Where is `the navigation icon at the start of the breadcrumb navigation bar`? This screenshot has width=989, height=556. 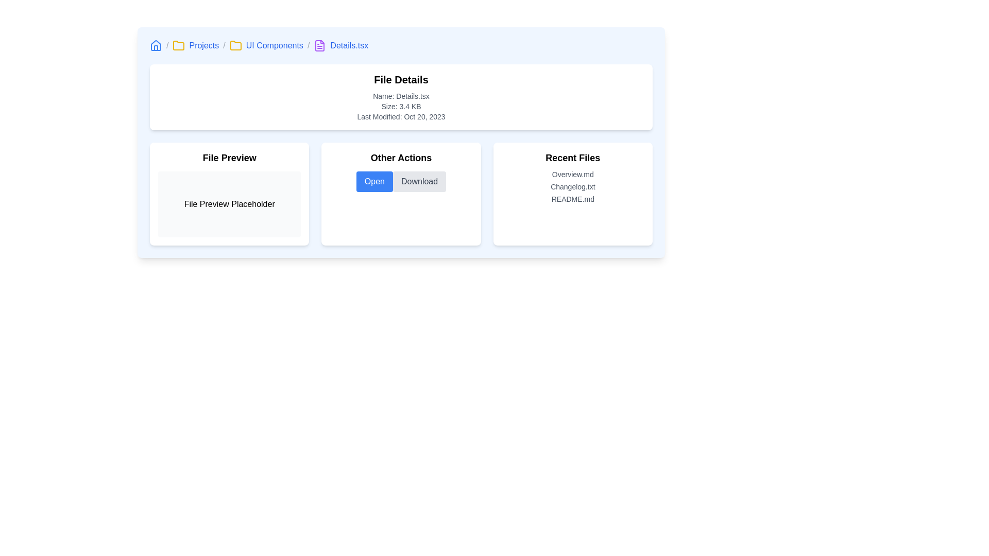
the navigation icon at the start of the breadcrumb navigation bar is located at coordinates (155, 45).